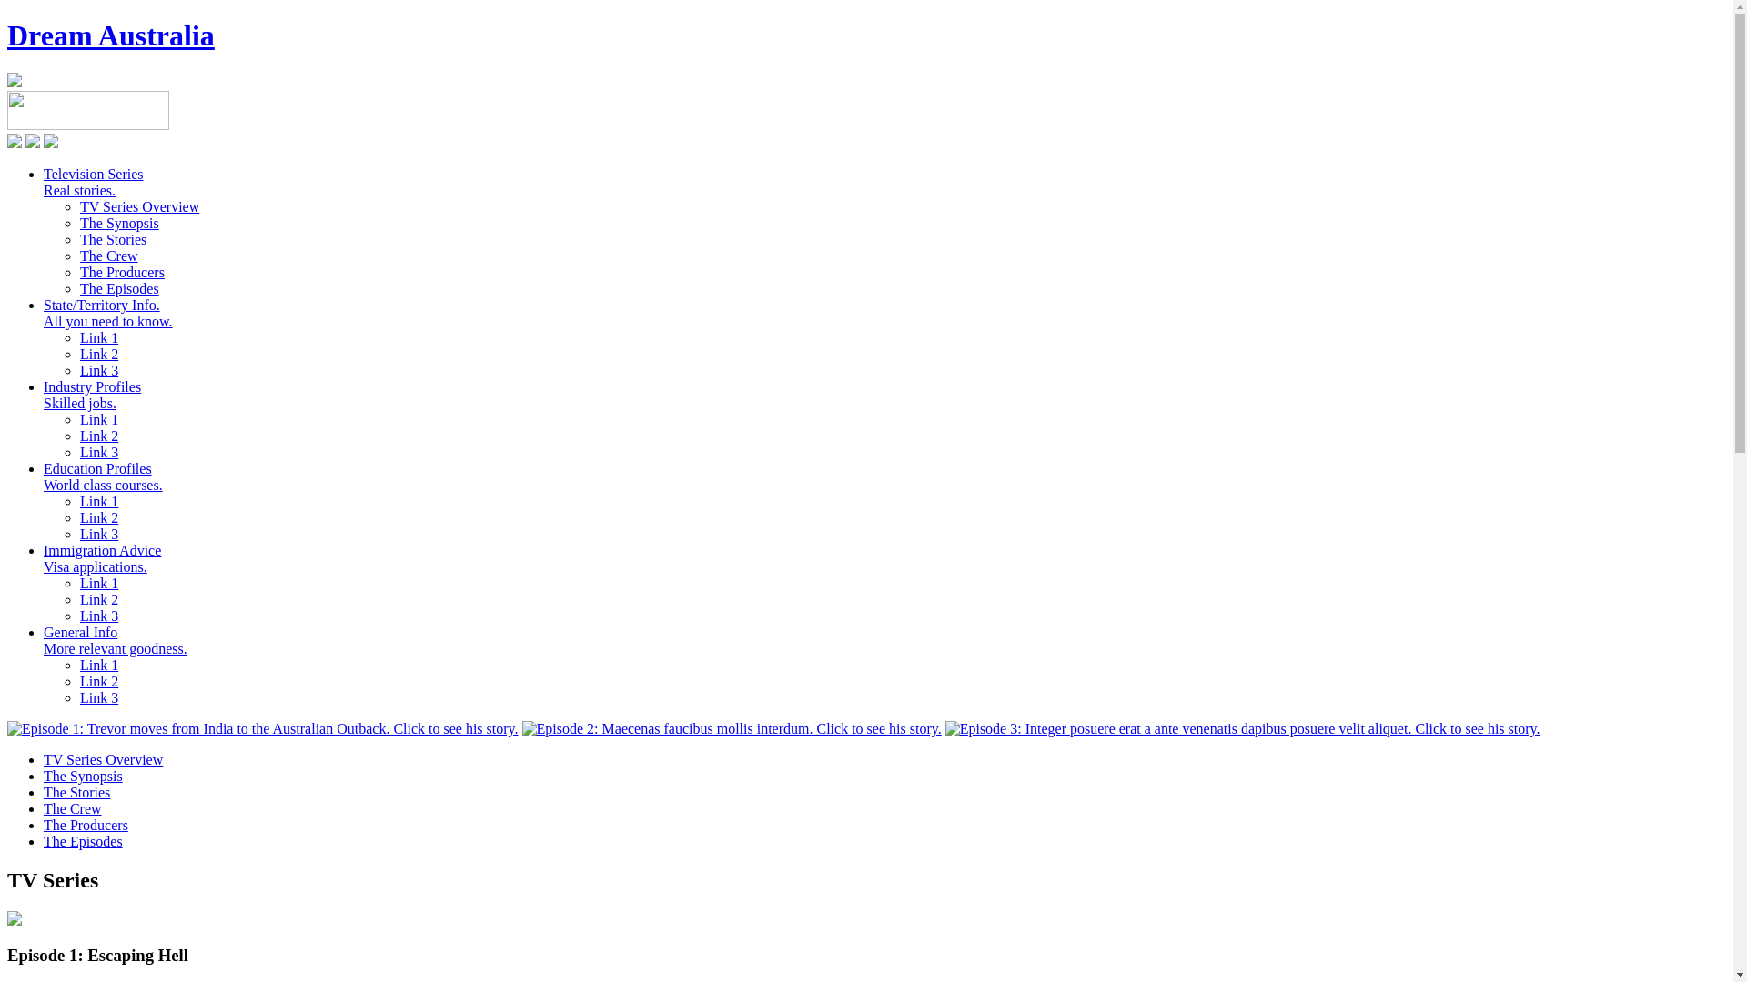 This screenshot has height=982, width=1747. I want to click on 'Industry Profiles, so click(91, 394).